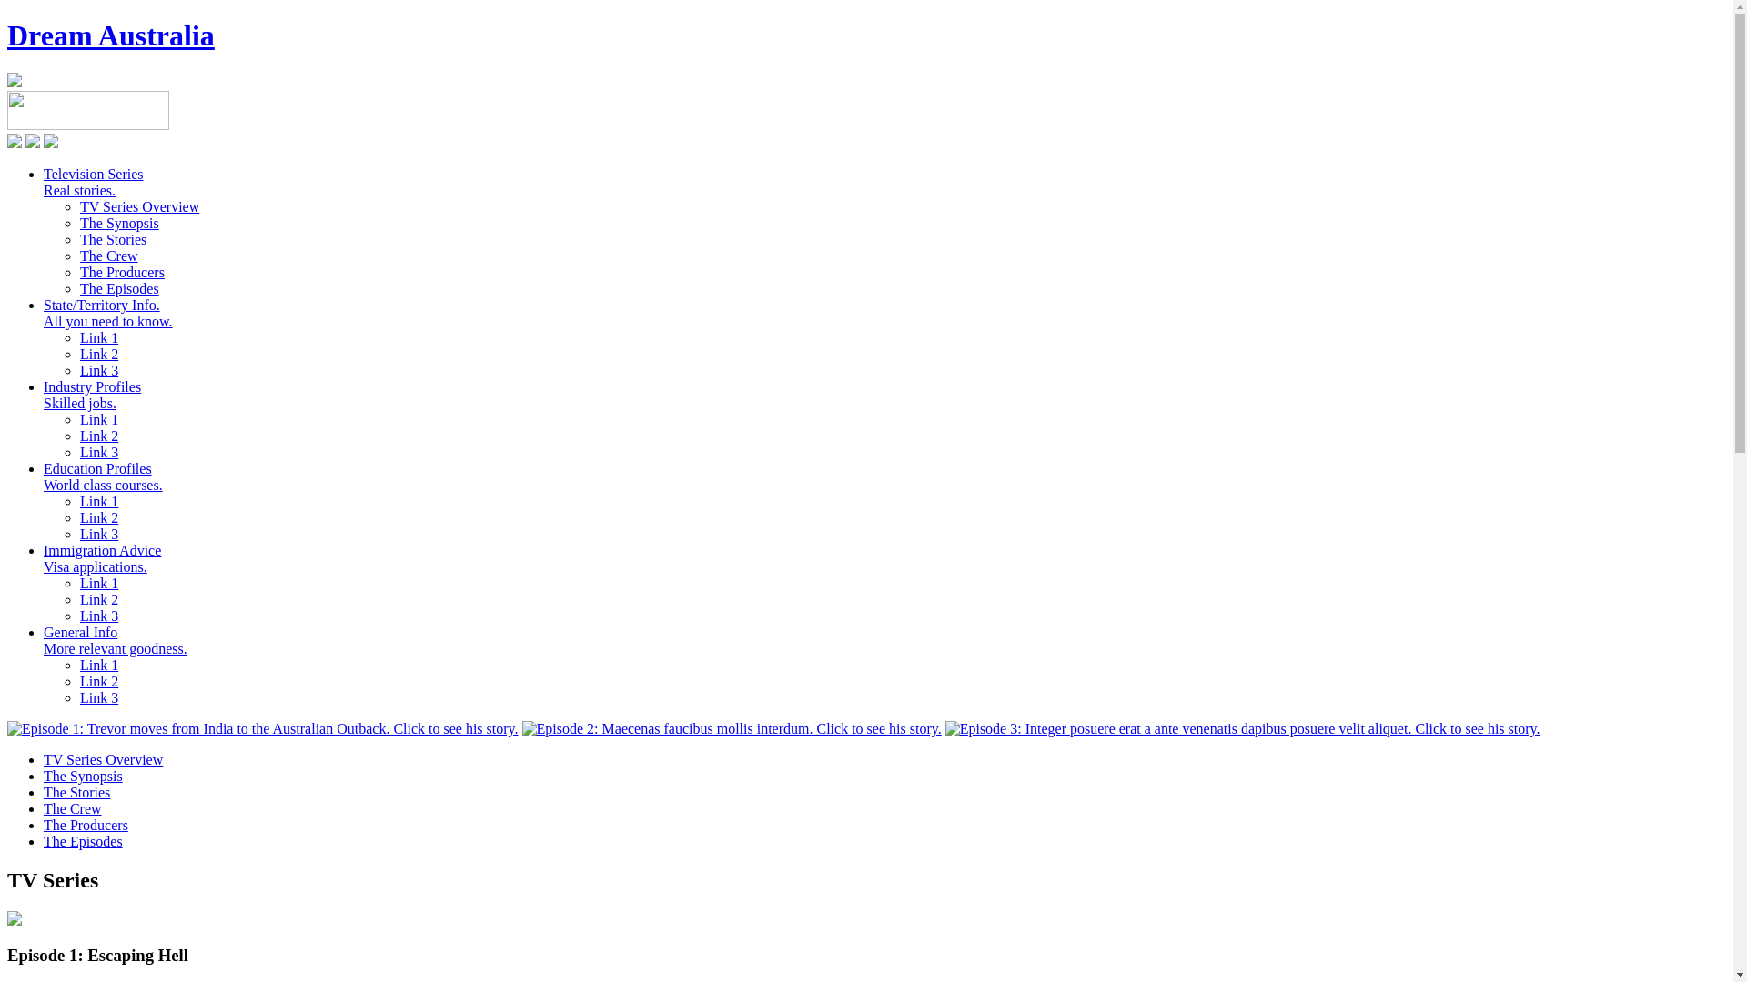 This screenshot has height=982, width=1747. I want to click on 'Industry Profiles, so click(91, 394).